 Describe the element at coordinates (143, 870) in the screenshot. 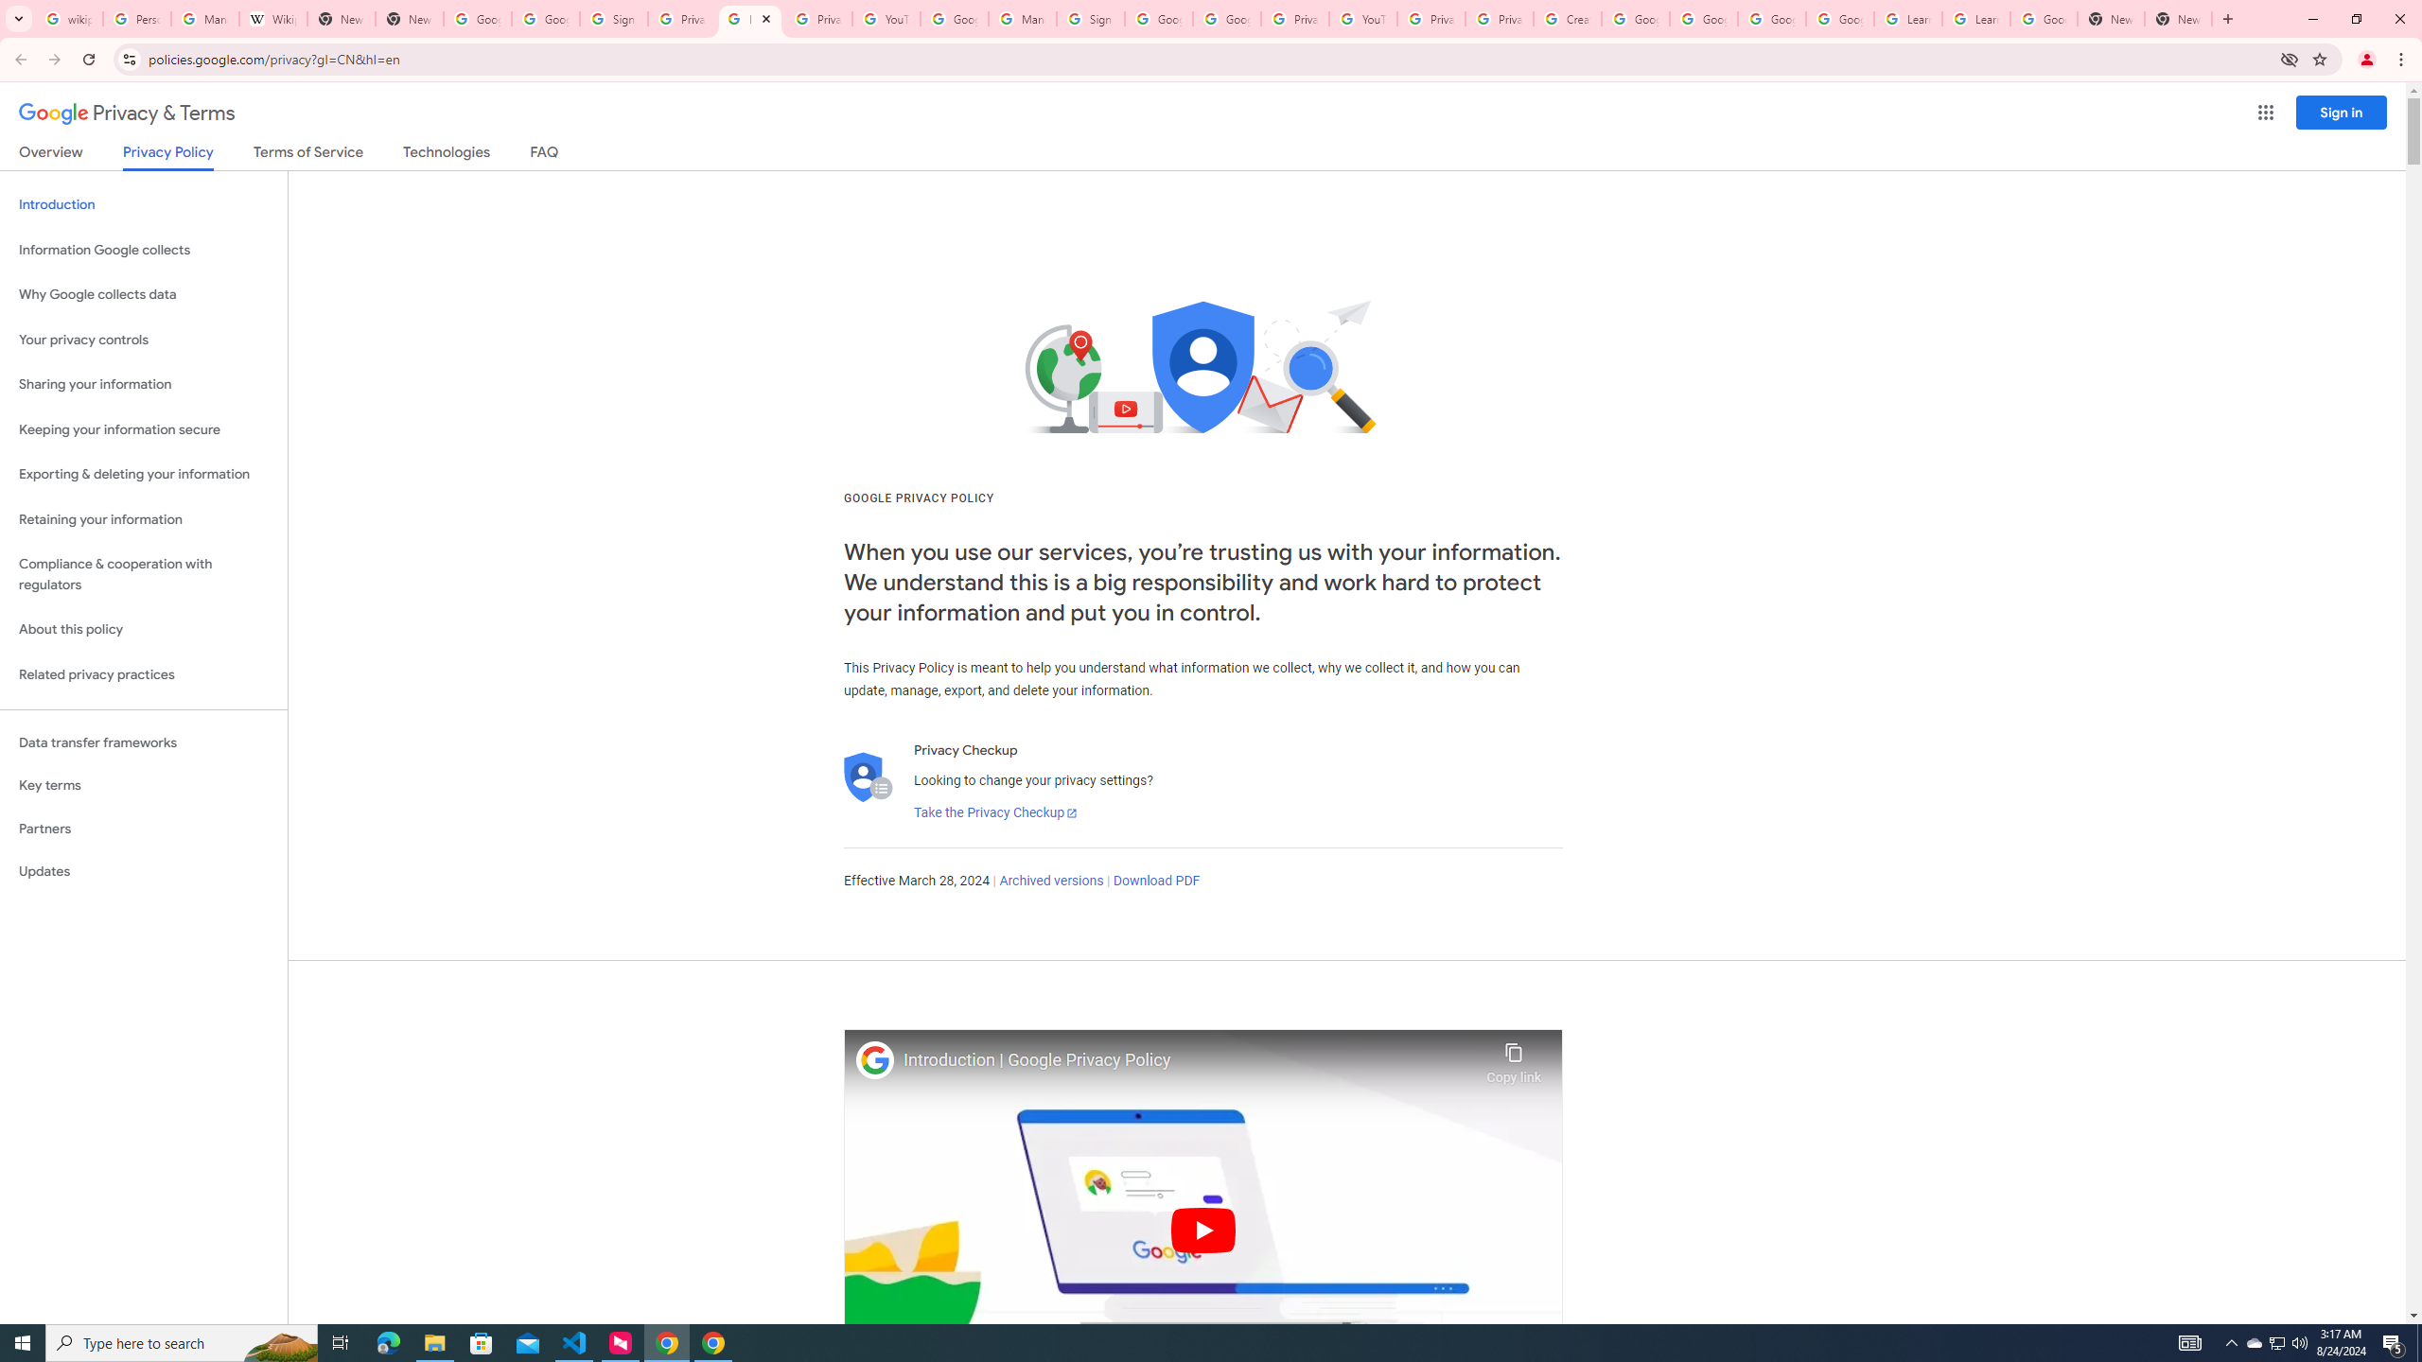

I see `'Updates'` at that location.